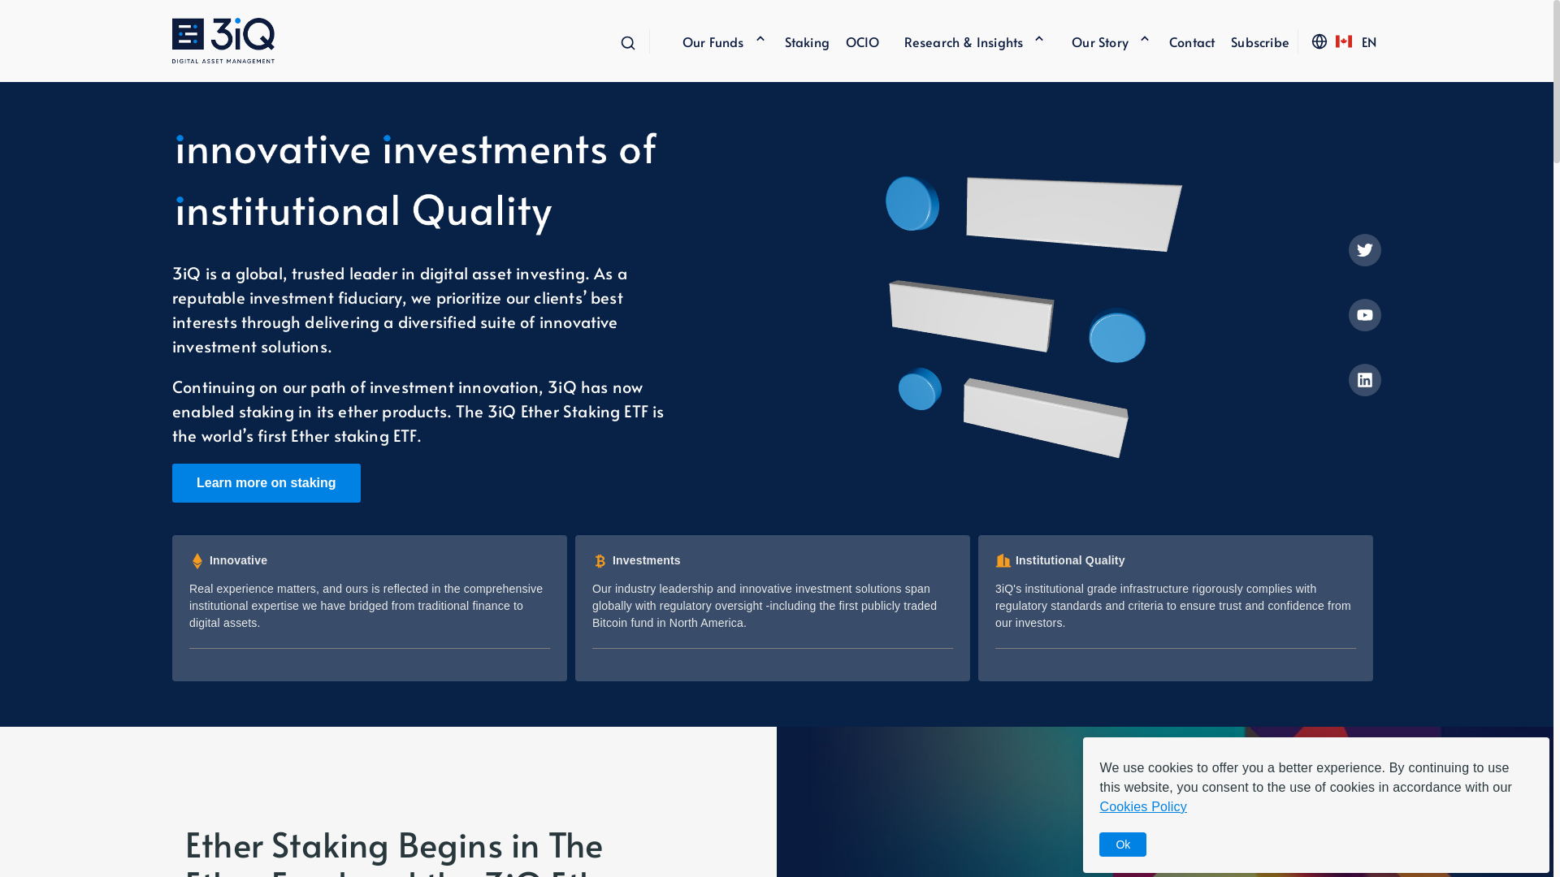 The width and height of the screenshot is (1560, 877). What do you see at coordinates (1214, 40) in the screenshot?
I see `'Subscribe'` at bounding box center [1214, 40].